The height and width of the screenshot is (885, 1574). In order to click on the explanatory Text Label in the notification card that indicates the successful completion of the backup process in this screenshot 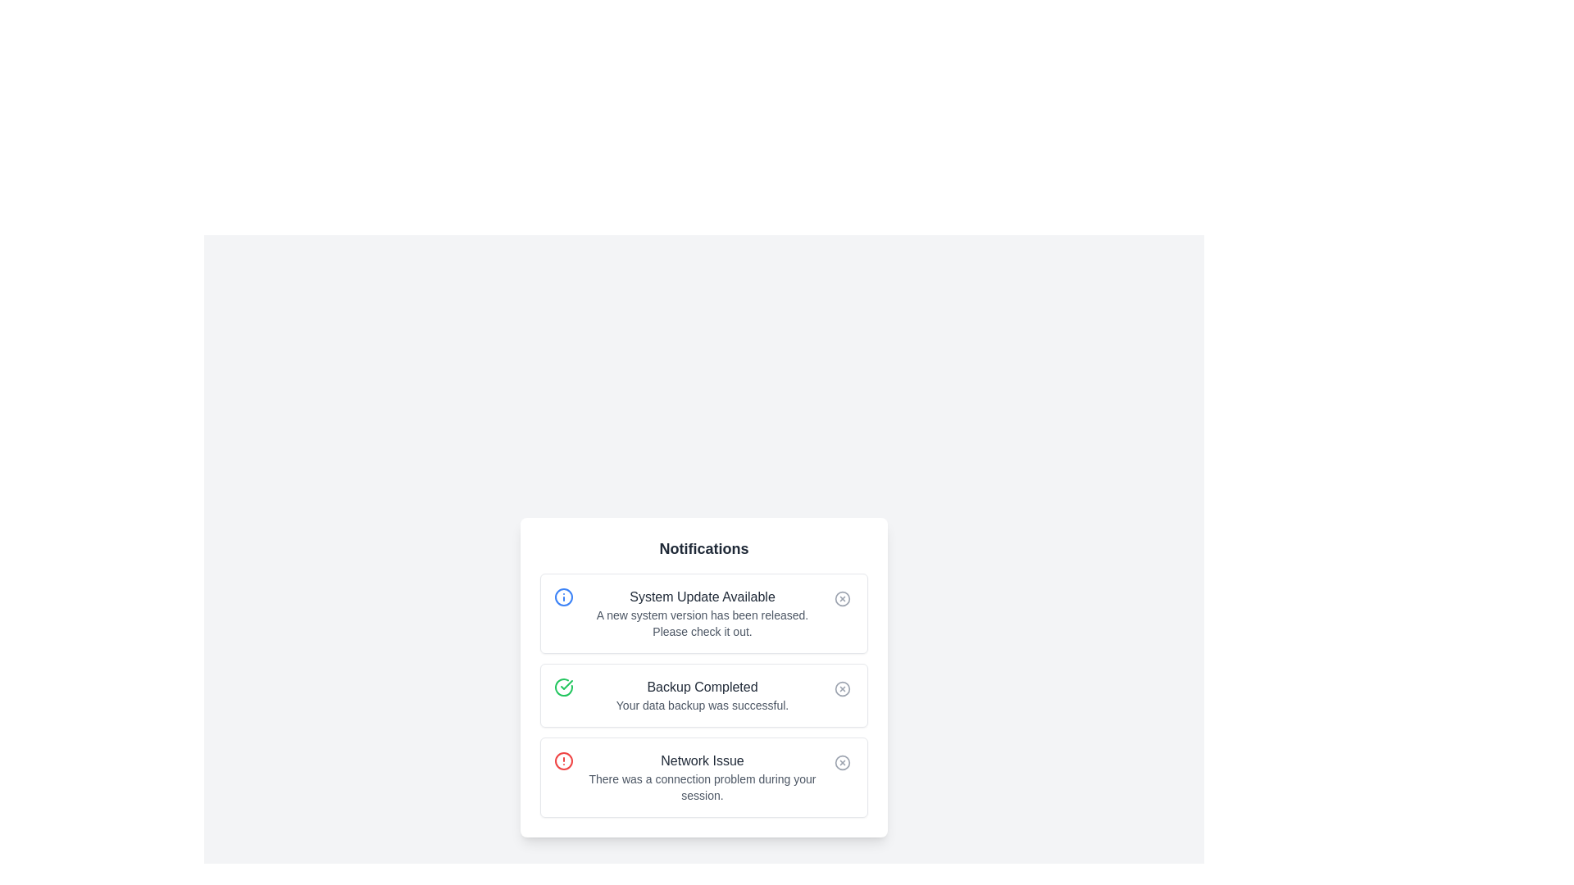, I will do `click(703, 704)`.